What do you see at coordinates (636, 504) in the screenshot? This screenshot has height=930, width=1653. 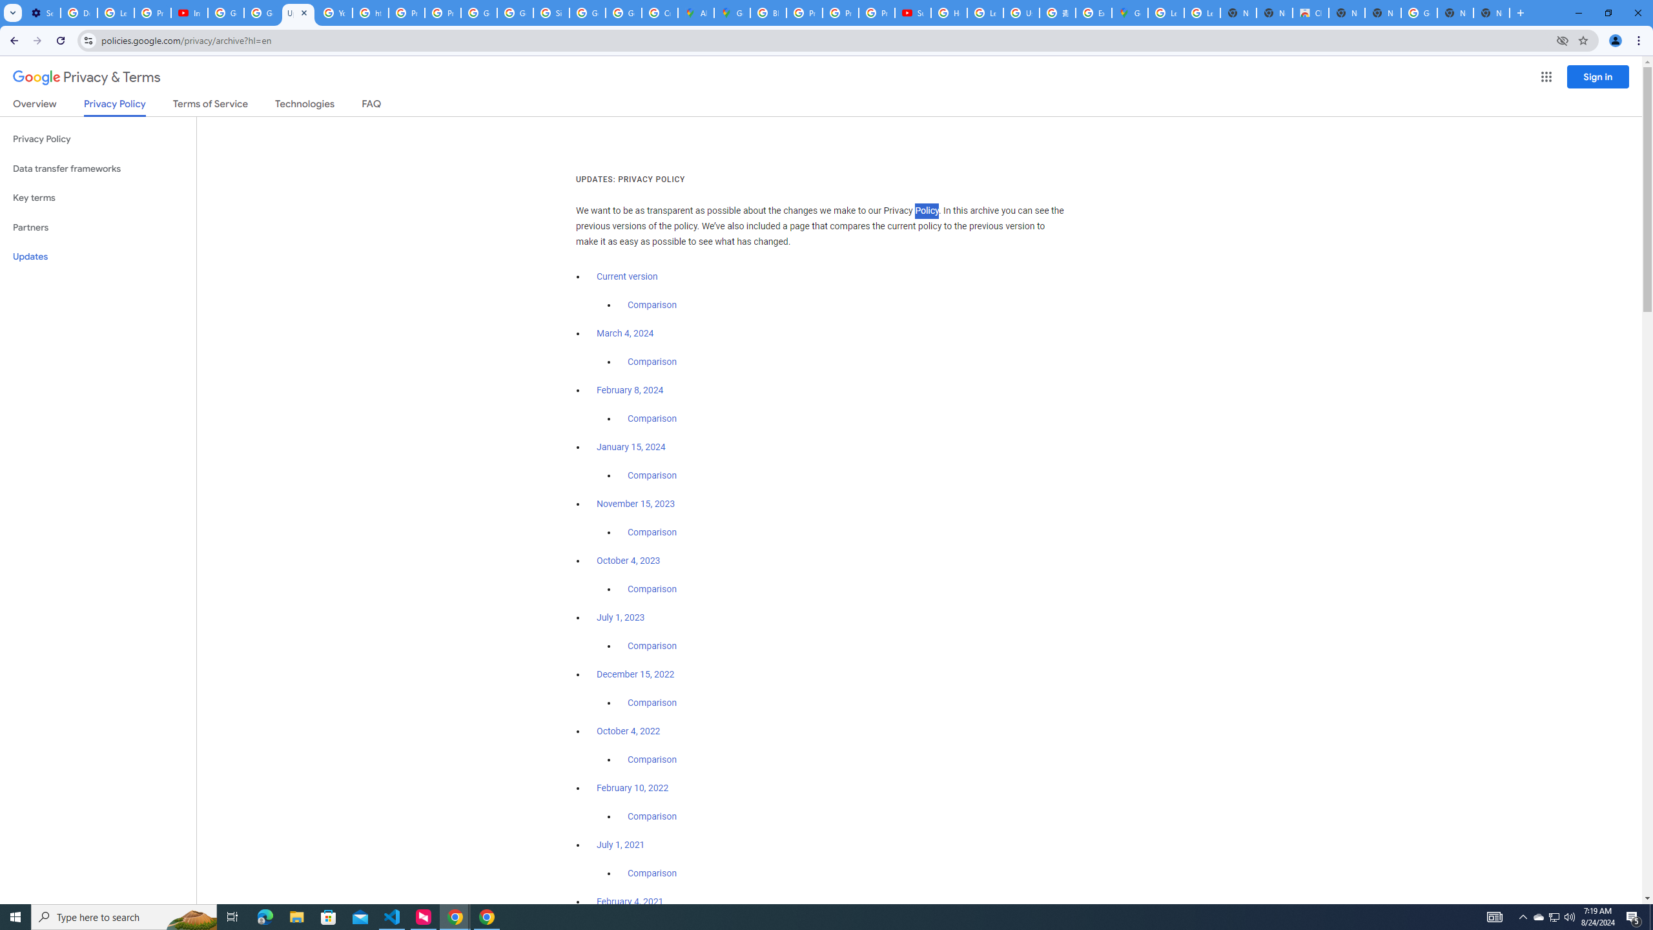 I see `'November 15, 2023'` at bounding box center [636, 504].